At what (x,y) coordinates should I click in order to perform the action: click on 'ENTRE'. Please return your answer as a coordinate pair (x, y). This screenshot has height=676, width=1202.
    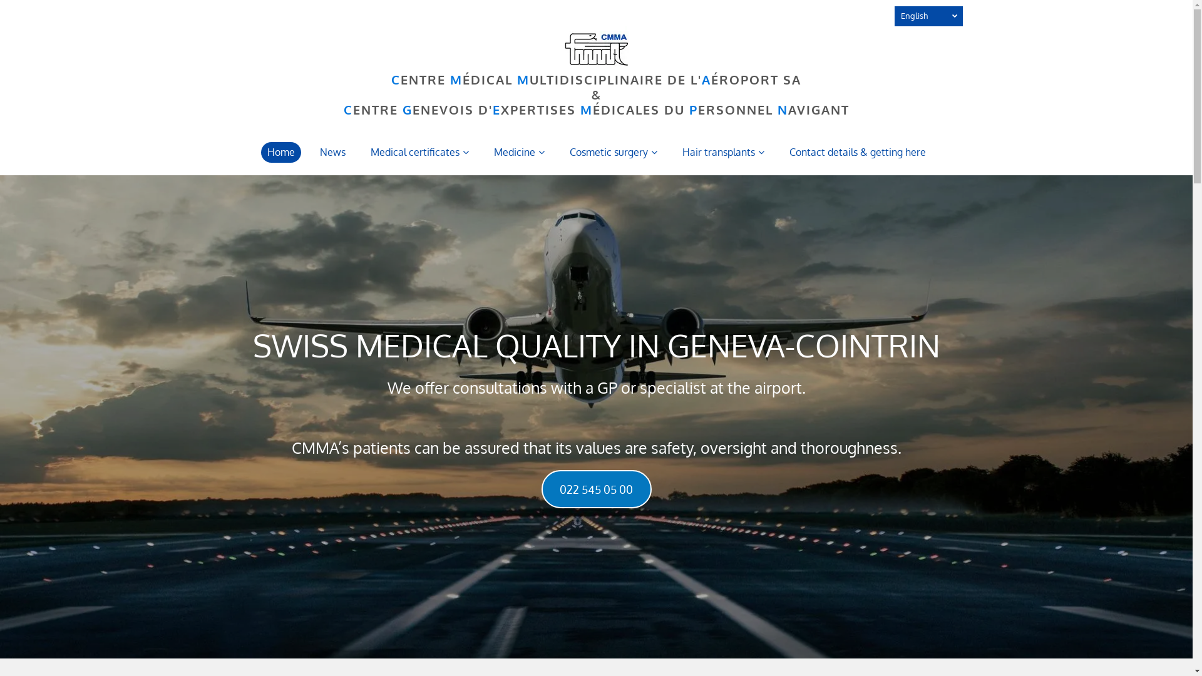
    Looking at the image, I should click on (399, 79).